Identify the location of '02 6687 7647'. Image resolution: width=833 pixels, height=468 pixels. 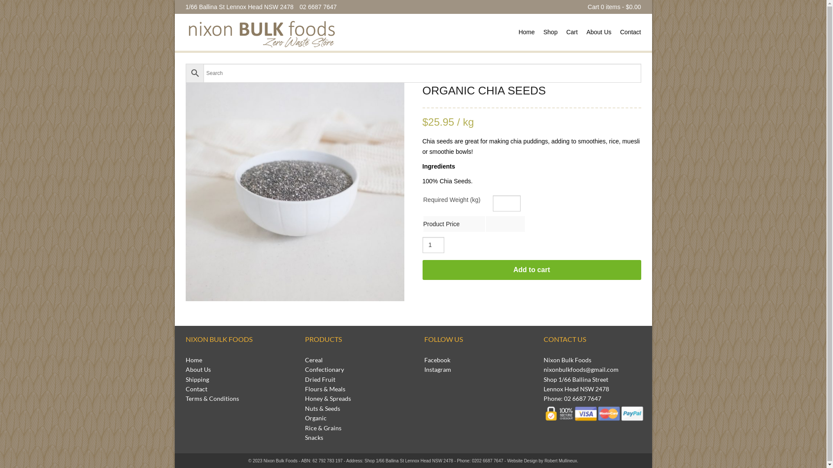
(318, 6).